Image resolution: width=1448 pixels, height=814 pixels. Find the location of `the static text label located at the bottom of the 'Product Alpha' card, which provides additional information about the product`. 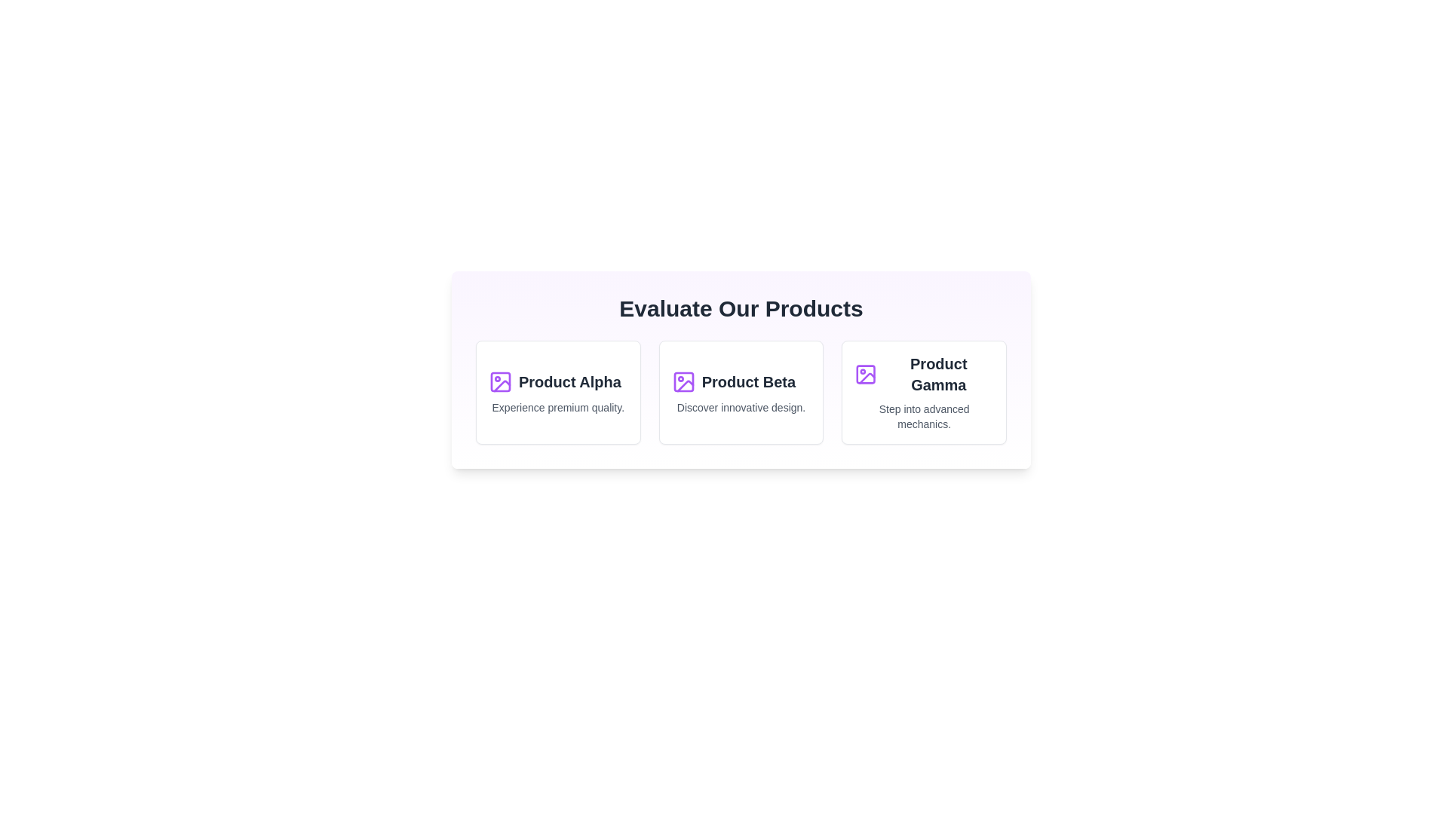

the static text label located at the bottom of the 'Product Alpha' card, which provides additional information about the product is located at coordinates (557, 407).